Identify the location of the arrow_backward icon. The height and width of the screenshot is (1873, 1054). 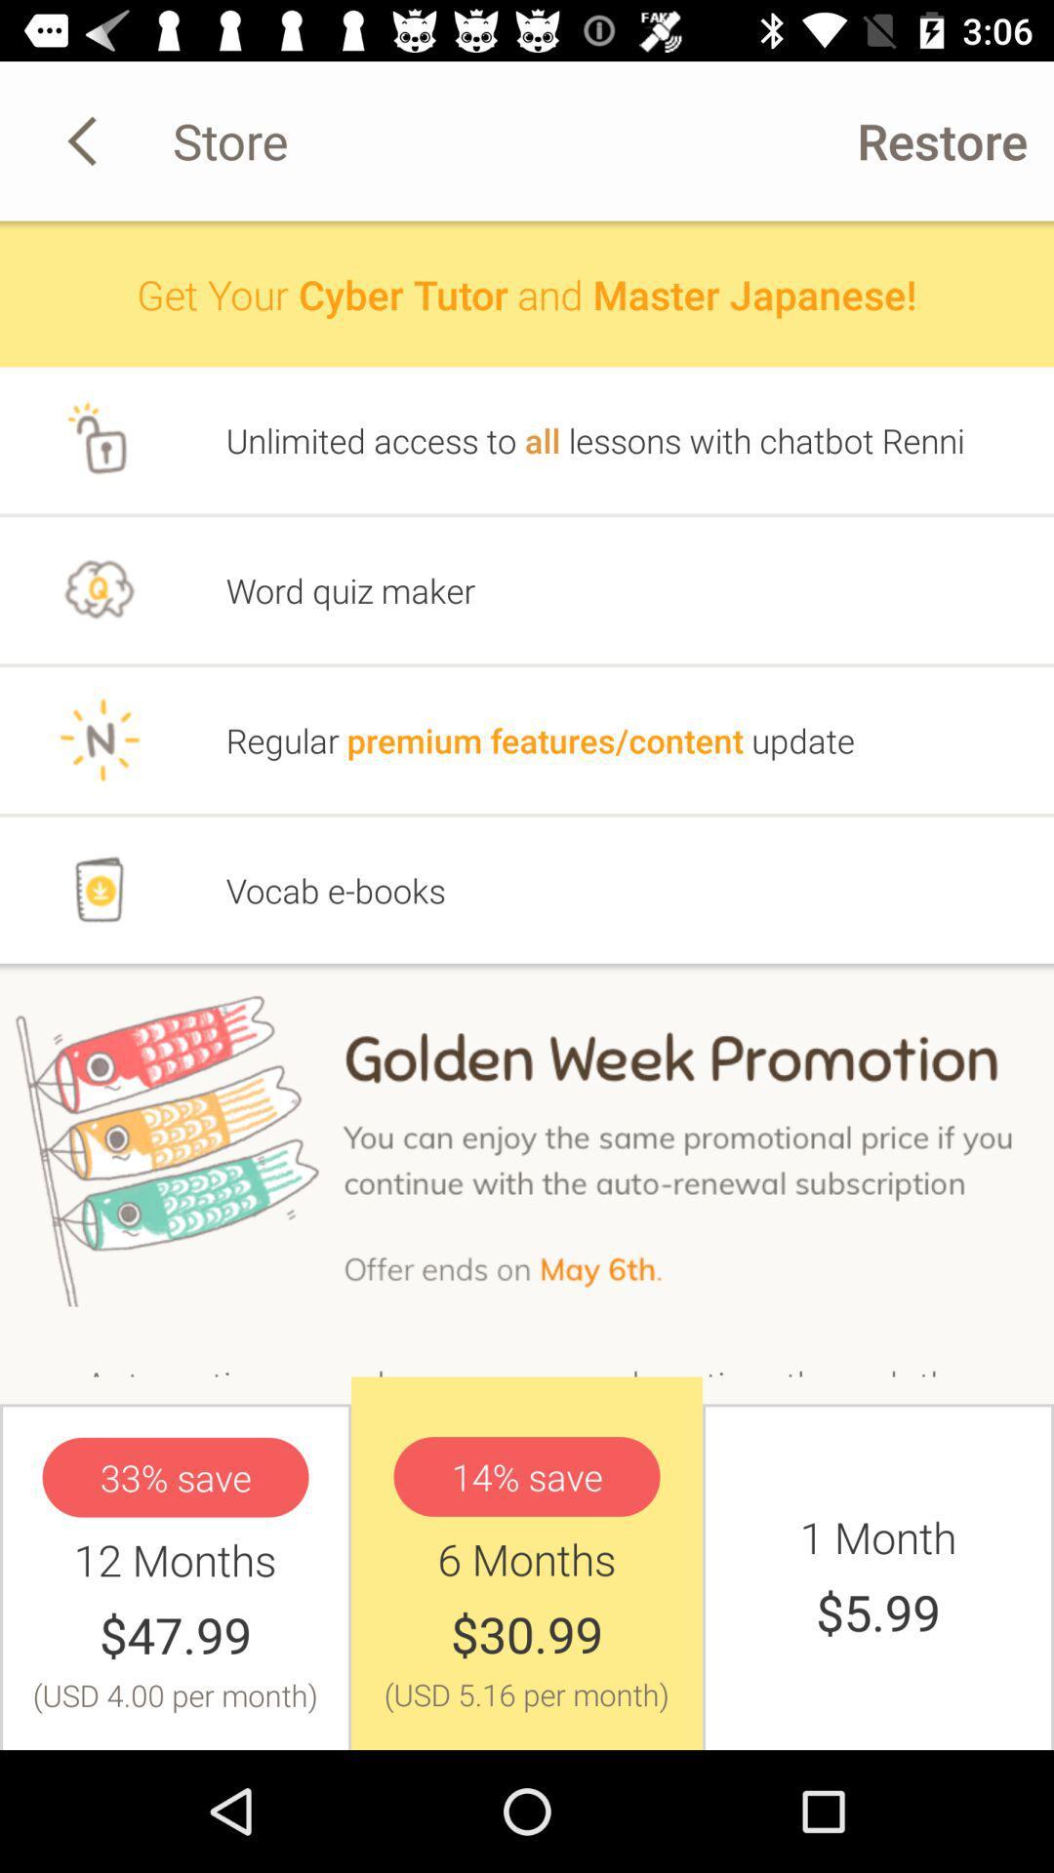
(85, 139).